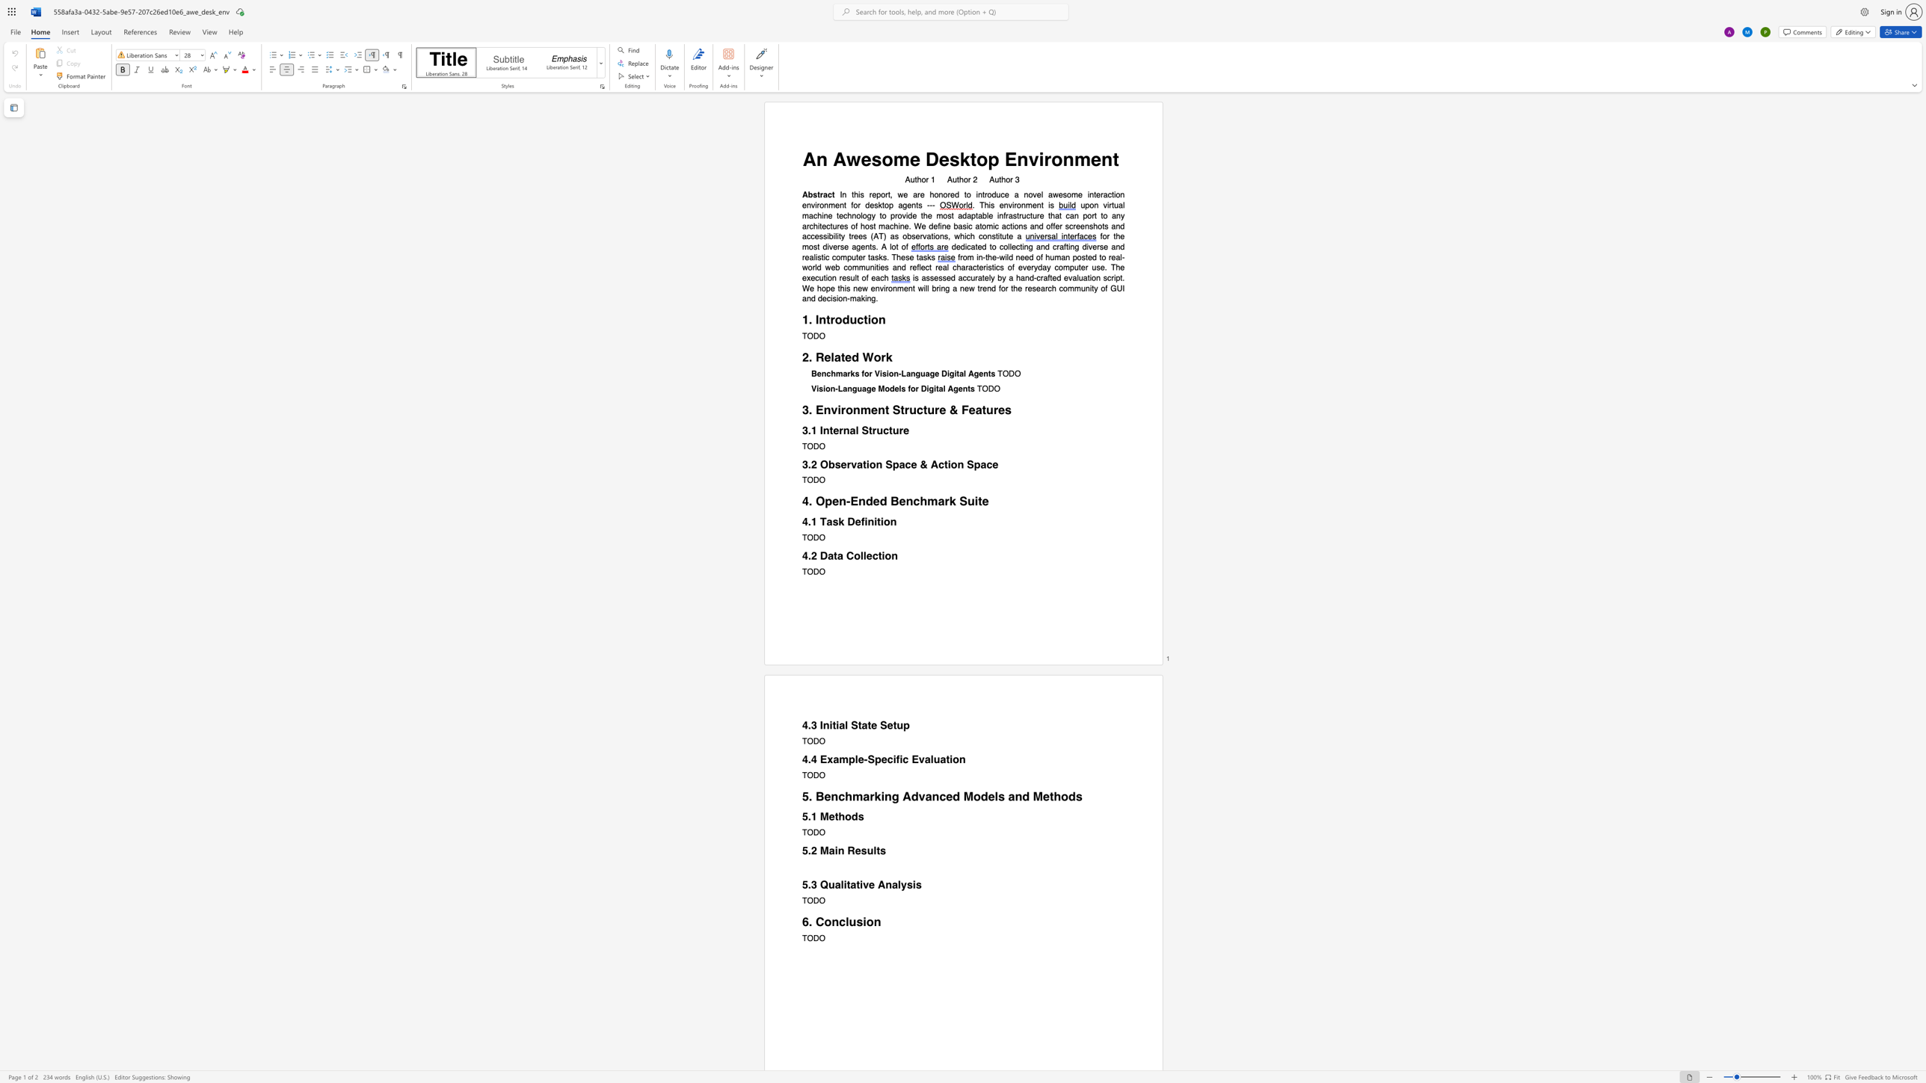  I want to click on the space between the continuous character "a" and "t" in the text, so click(840, 357).